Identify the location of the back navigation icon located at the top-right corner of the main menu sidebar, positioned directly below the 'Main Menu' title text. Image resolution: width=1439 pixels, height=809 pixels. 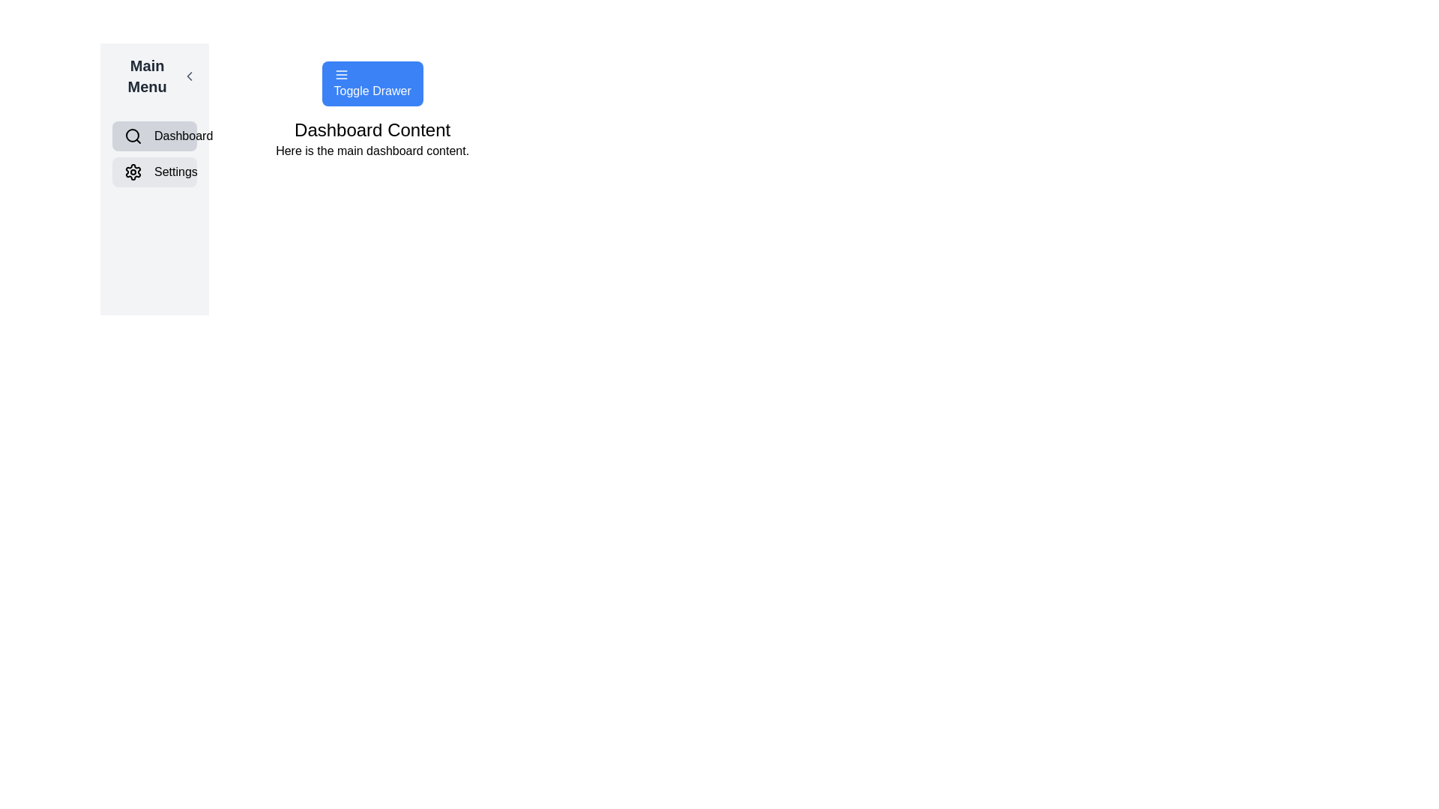
(189, 76).